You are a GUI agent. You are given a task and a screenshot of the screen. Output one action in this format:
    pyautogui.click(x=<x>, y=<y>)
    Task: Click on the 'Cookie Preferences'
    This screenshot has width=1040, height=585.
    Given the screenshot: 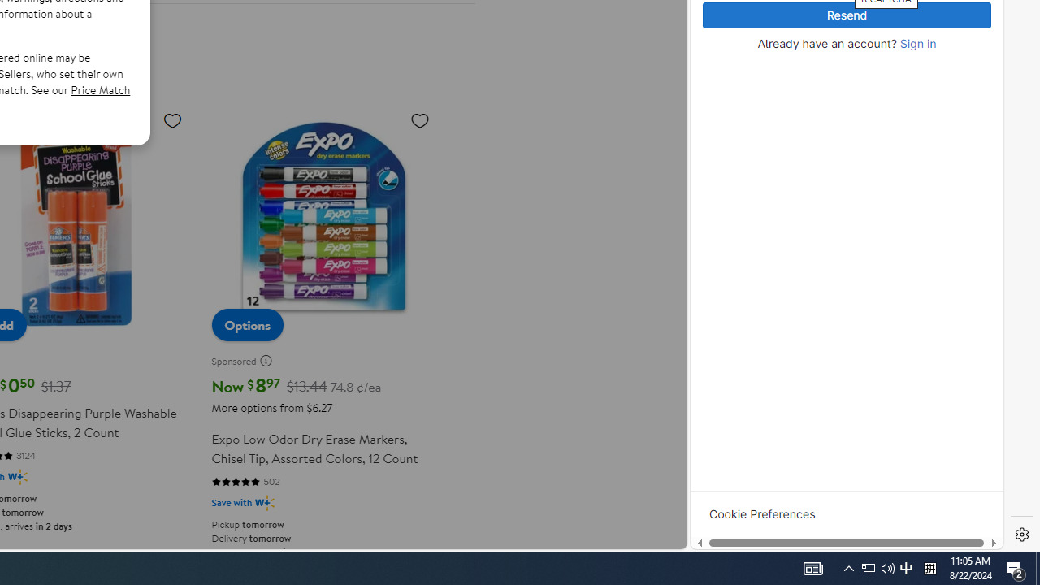 What is the action you would take?
    pyautogui.click(x=761, y=513)
    